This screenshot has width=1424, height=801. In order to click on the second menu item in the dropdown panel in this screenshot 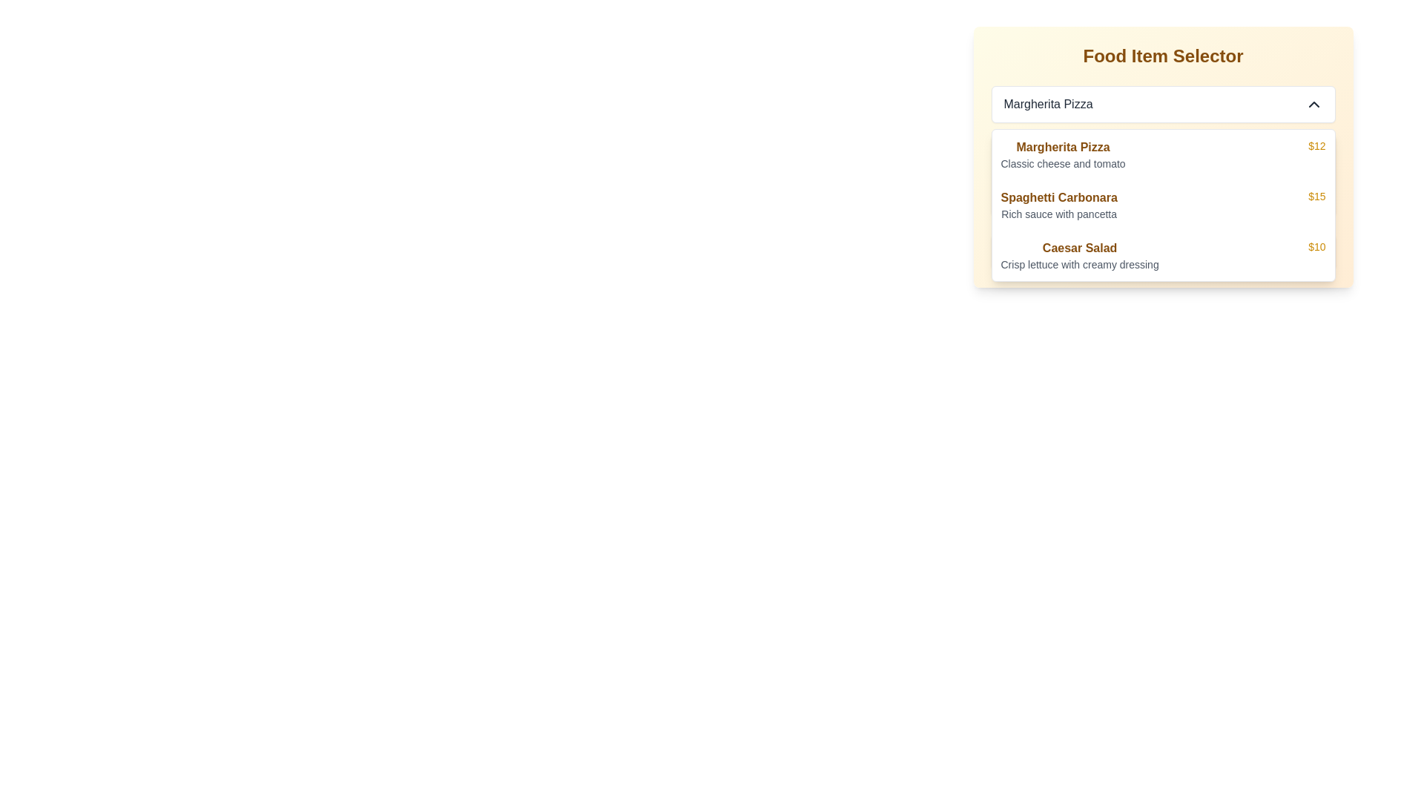, I will do `click(1162, 205)`.